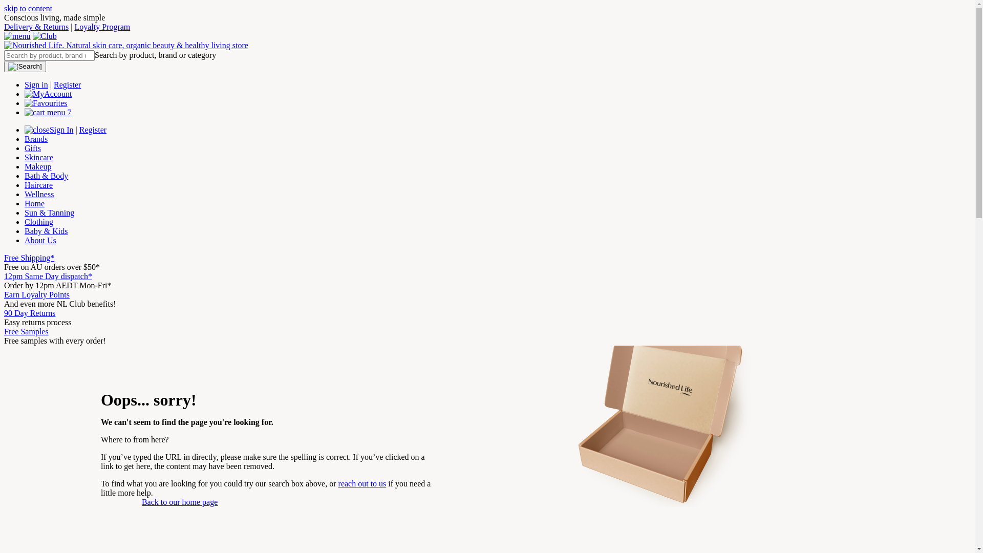 Image resolution: width=983 pixels, height=553 pixels. I want to click on '12pm Same Day dispatch*', so click(48, 275).